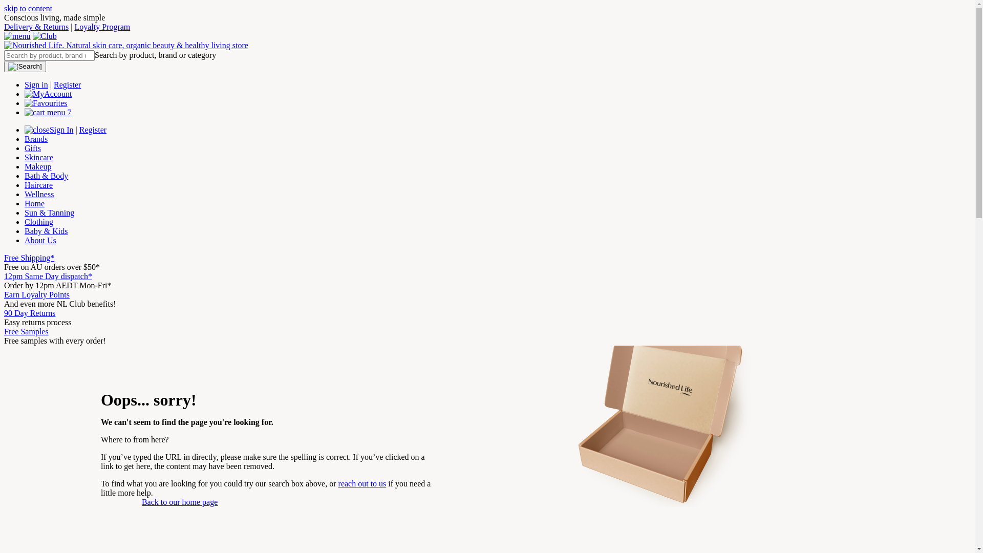 Image resolution: width=983 pixels, height=553 pixels. I want to click on '12pm Same Day dispatch*', so click(48, 275).